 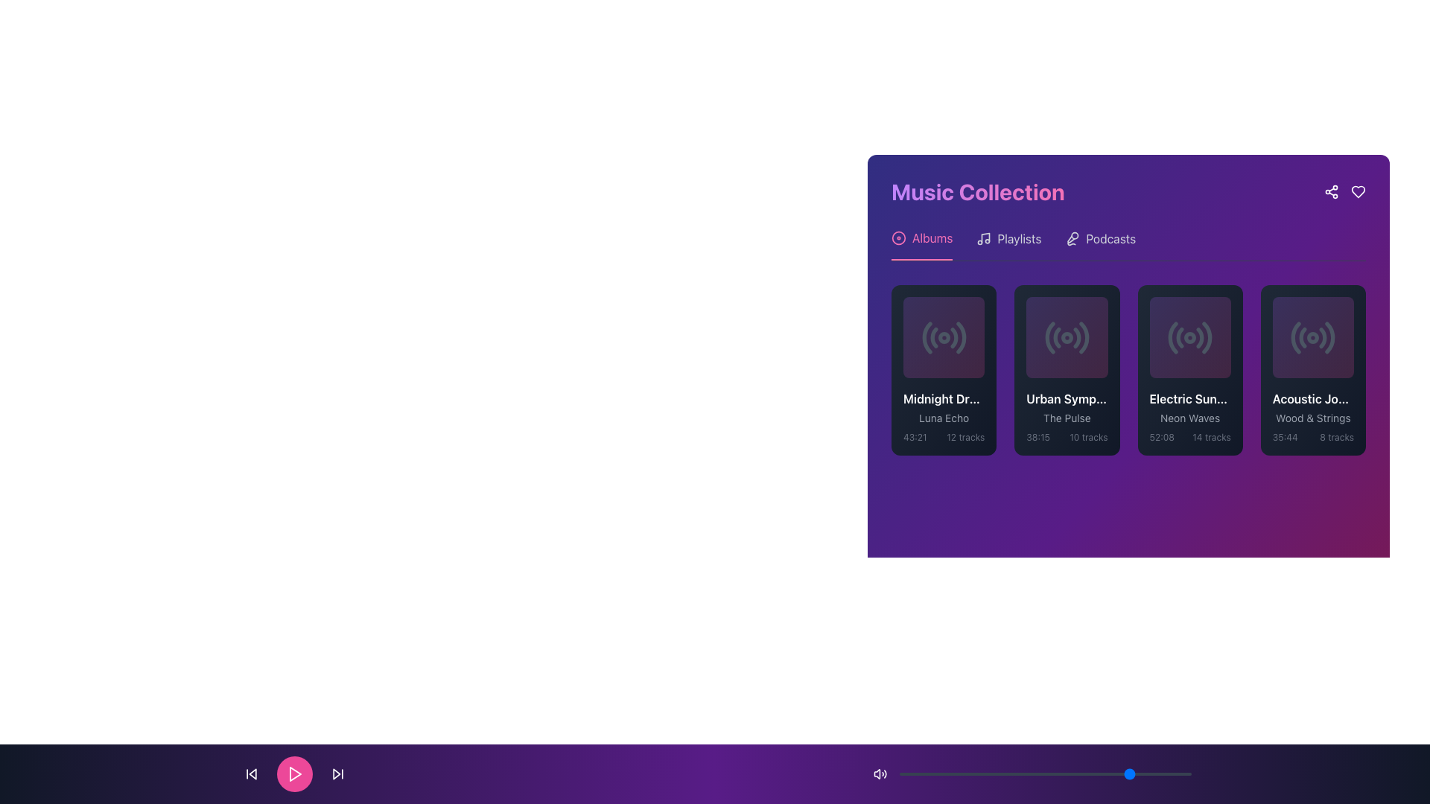 What do you see at coordinates (1037, 437) in the screenshot?
I see `the static text label displaying the duration '38:15' minutes, located at the bottom-left side of the 'Urban Symphony' album card` at bounding box center [1037, 437].